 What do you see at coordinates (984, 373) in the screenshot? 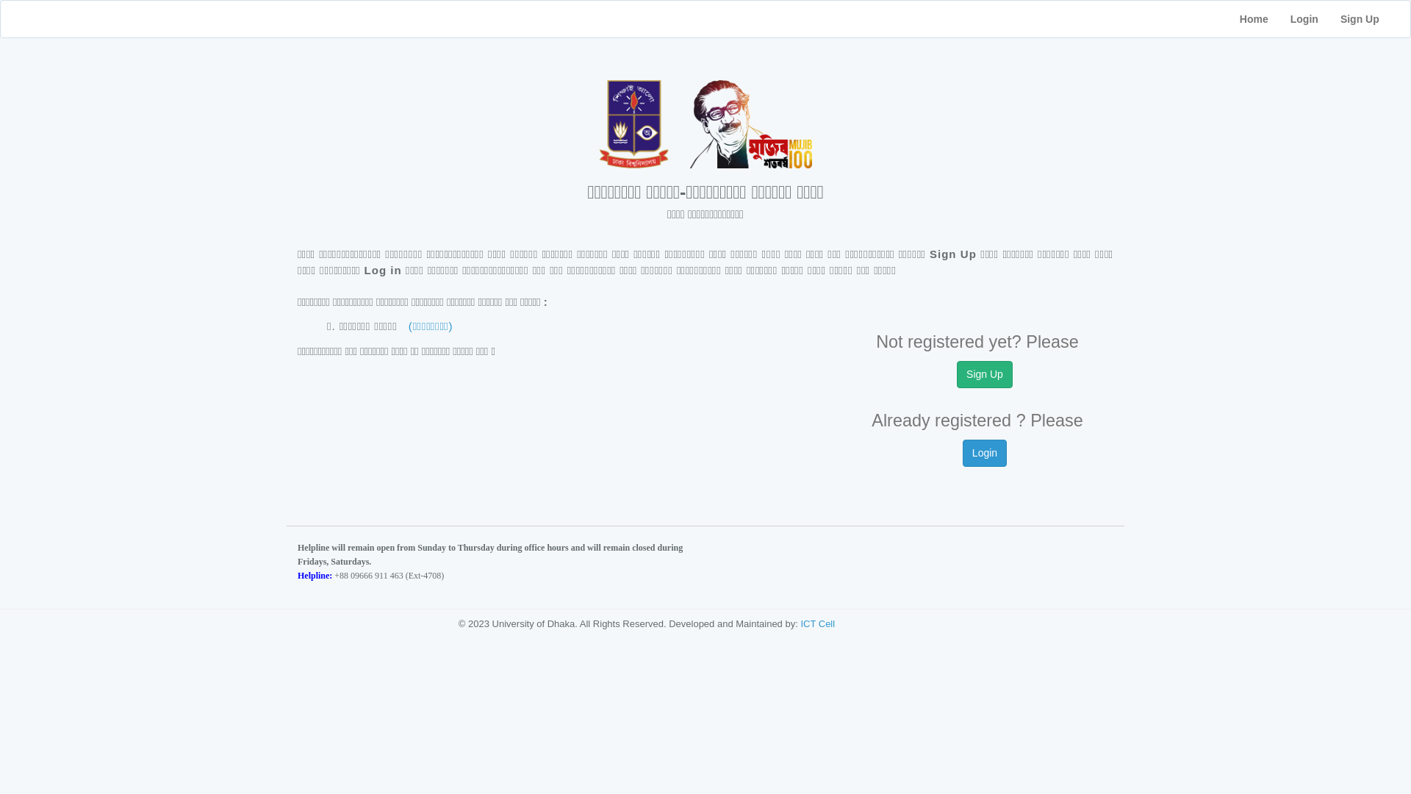
I see `'Sign Up'` at bounding box center [984, 373].